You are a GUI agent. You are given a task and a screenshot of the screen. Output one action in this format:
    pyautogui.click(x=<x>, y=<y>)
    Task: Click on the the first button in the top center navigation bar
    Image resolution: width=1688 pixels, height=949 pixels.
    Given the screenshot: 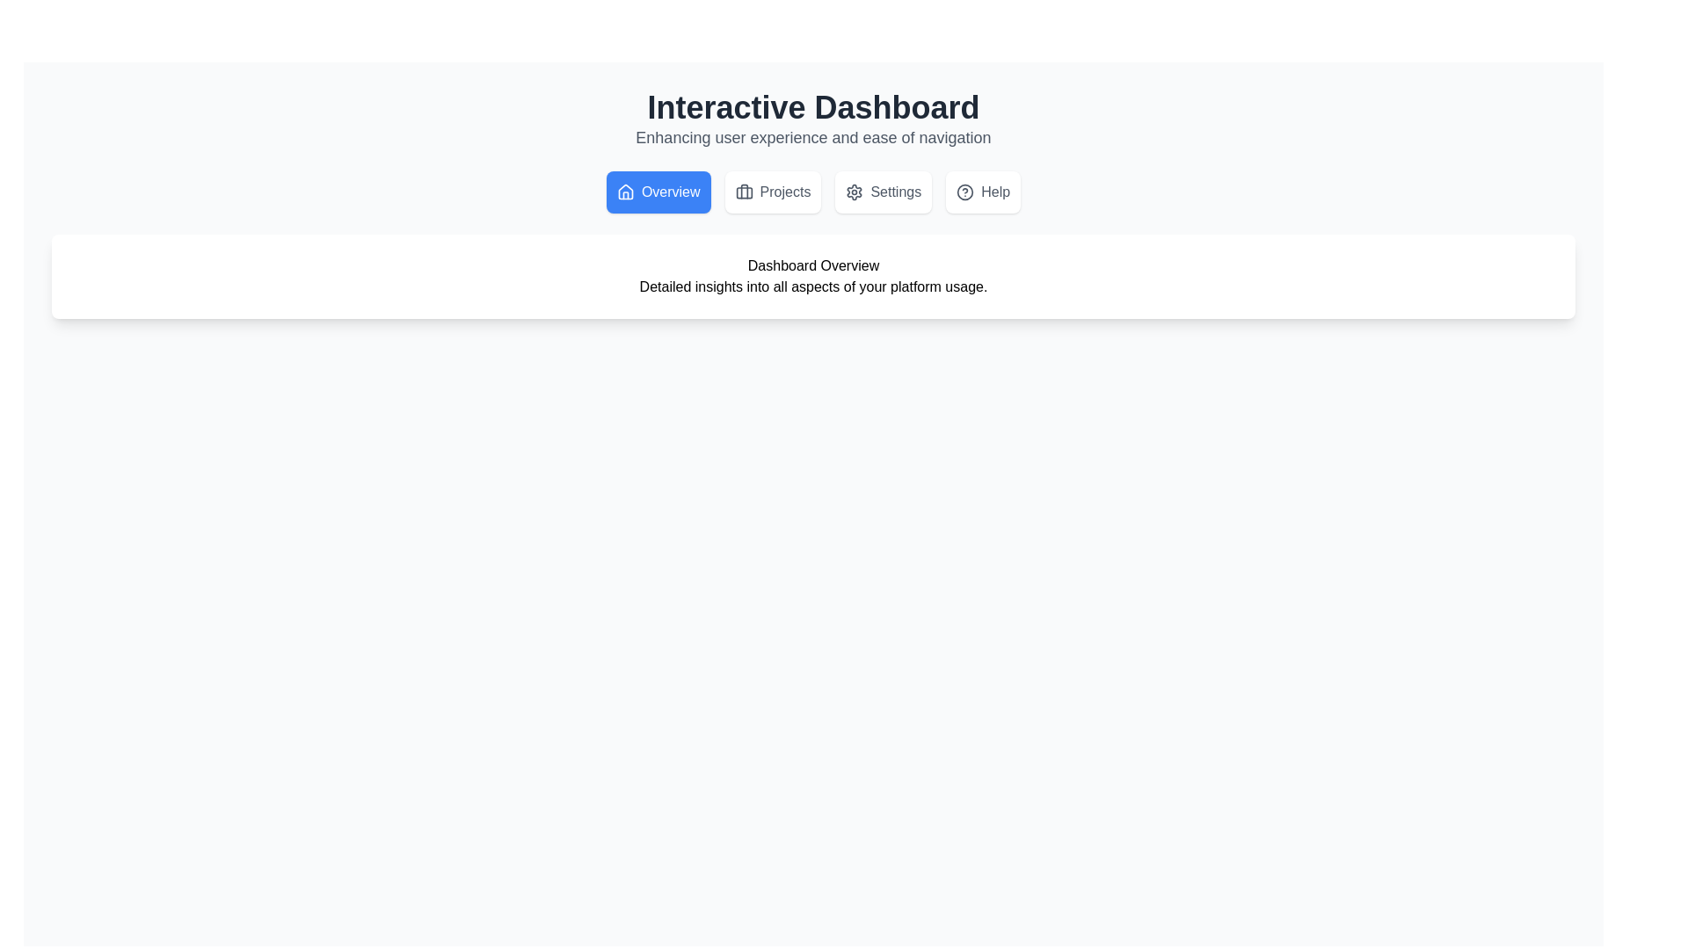 What is the action you would take?
    pyautogui.click(x=658, y=192)
    